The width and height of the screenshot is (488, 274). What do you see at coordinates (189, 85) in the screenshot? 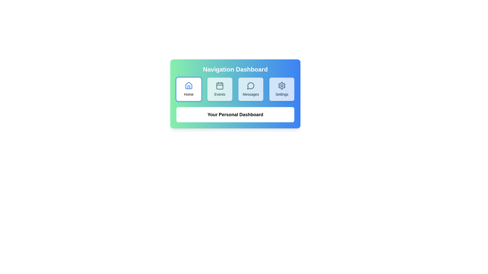
I see `the house icon located inside the 'Home' button in the navigation dashboard, which features a triangular roof and a blue color with a stroke outline` at bounding box center [189, 85].